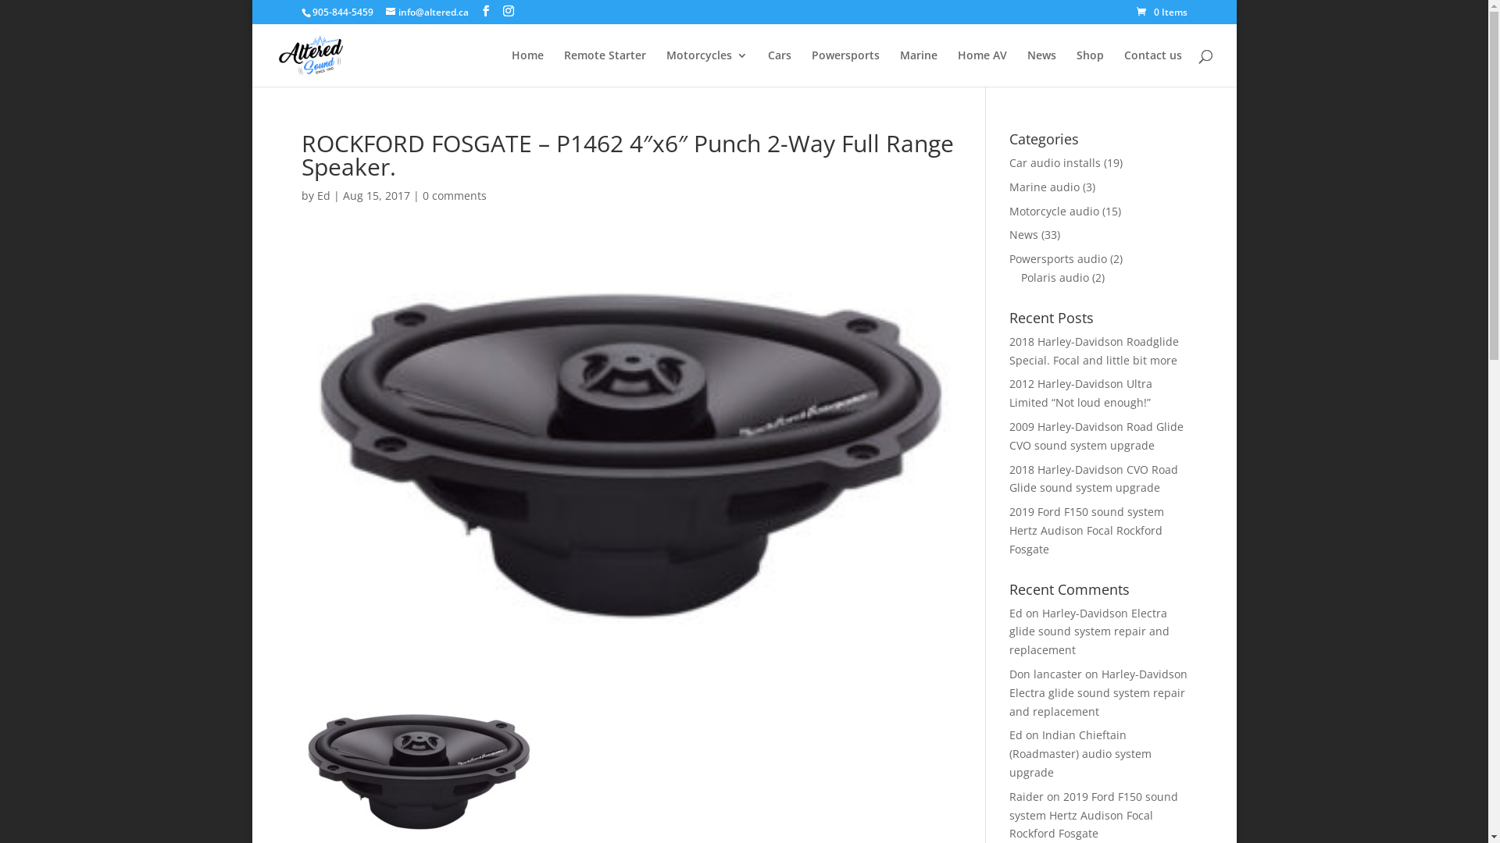  What do you see at coordinates (1027, 67) in the screenshot?
I see `'News'` at bounding box center [1027, 67].